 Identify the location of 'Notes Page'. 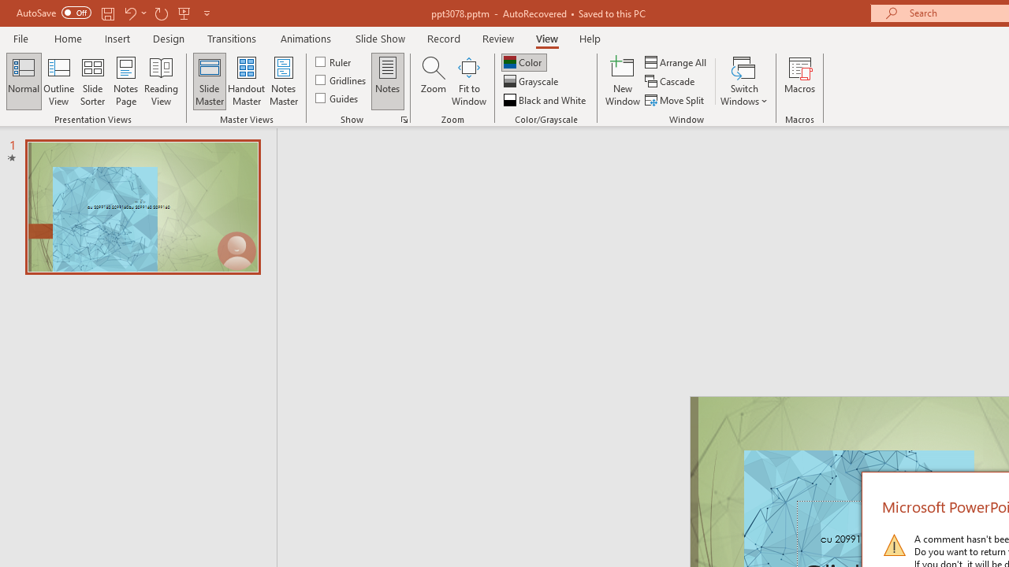
(126, 81).